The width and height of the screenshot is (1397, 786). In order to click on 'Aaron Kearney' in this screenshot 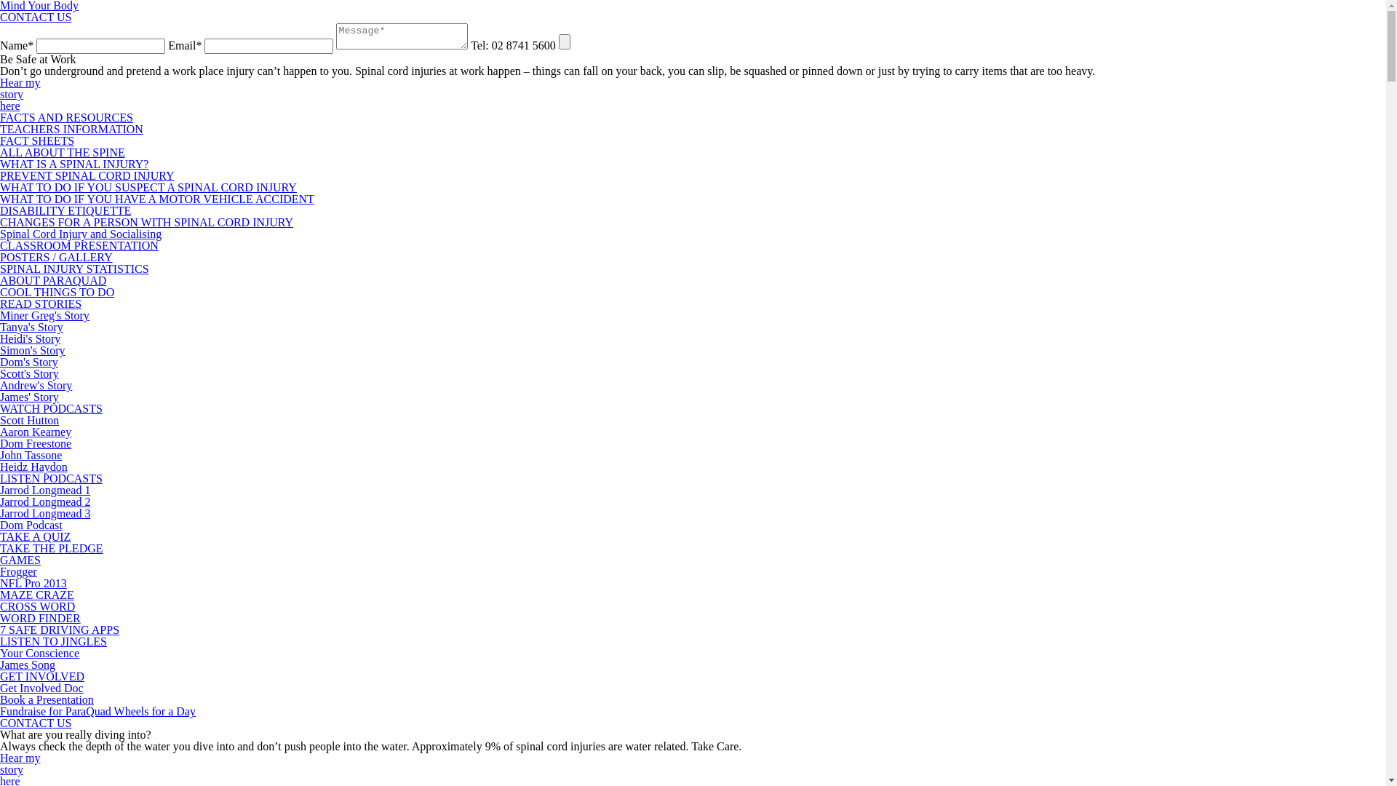, I will do `click(35, 431)`.